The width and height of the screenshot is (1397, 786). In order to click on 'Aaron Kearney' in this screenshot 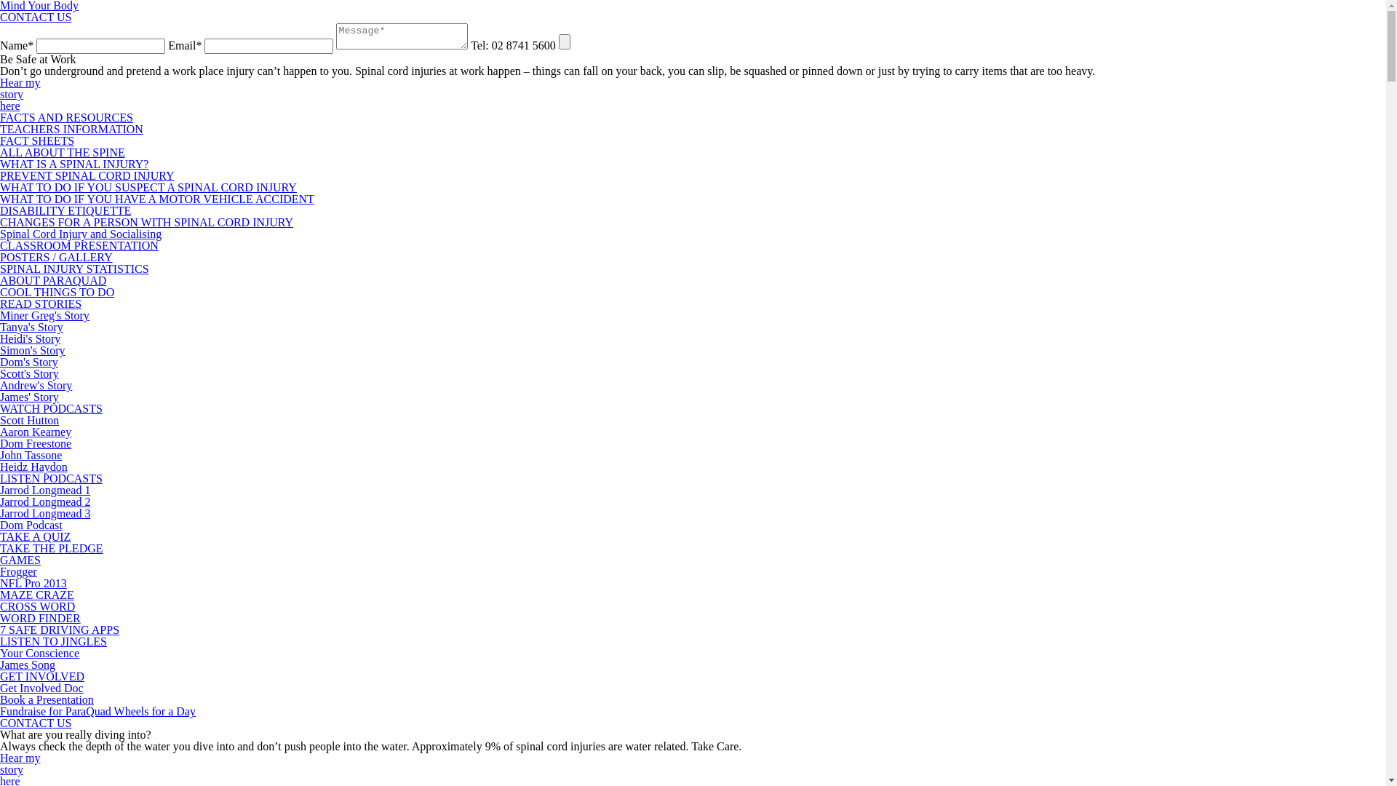, I will do `click(35, 431)`.